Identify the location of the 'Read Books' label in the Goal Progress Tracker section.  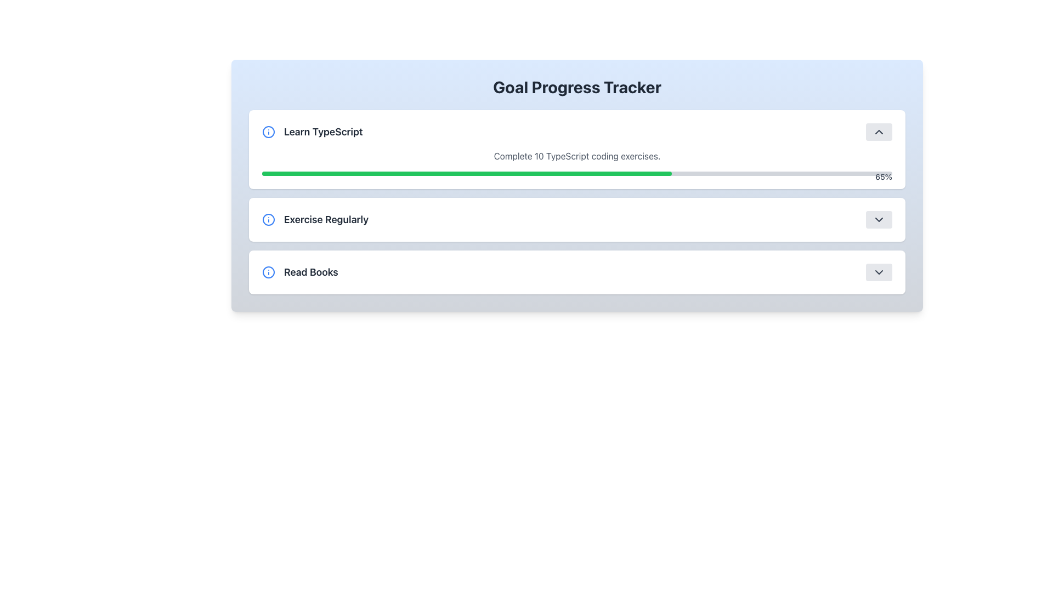
(300, 272).